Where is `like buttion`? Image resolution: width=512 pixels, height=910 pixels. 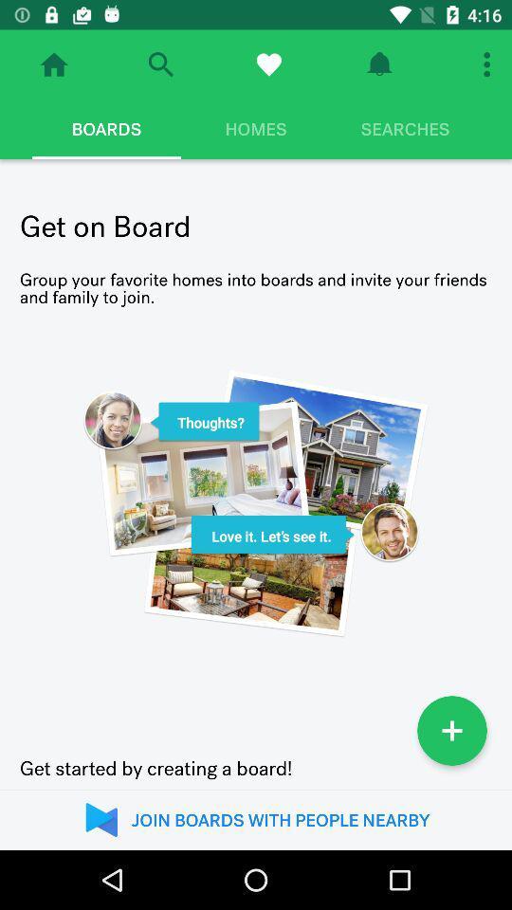 like buttion is located at coordinates (267, 64).